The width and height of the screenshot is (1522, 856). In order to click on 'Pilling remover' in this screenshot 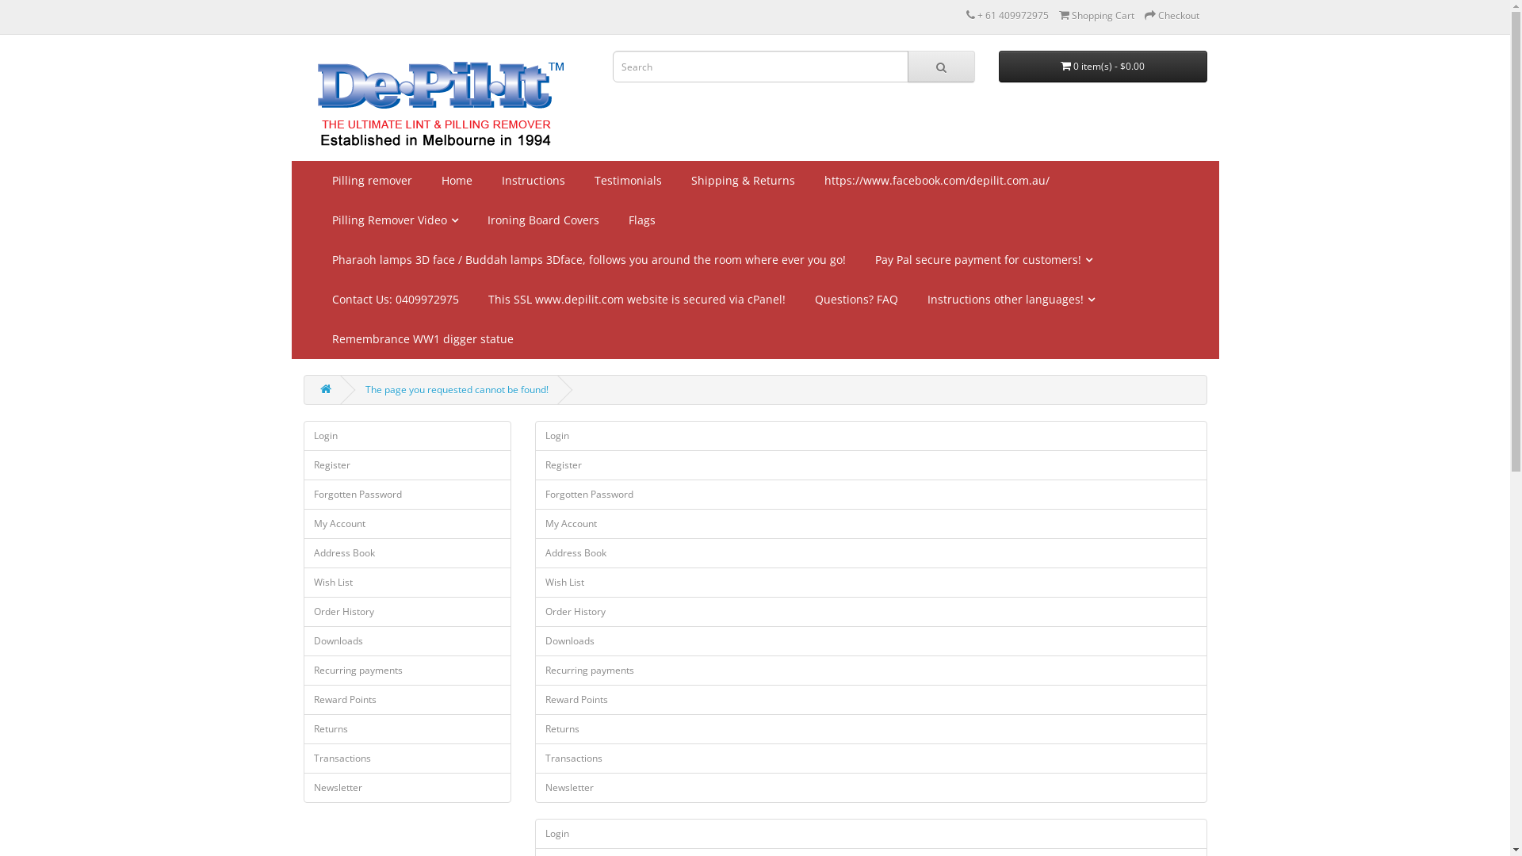, I will do `click(315, 179)`.